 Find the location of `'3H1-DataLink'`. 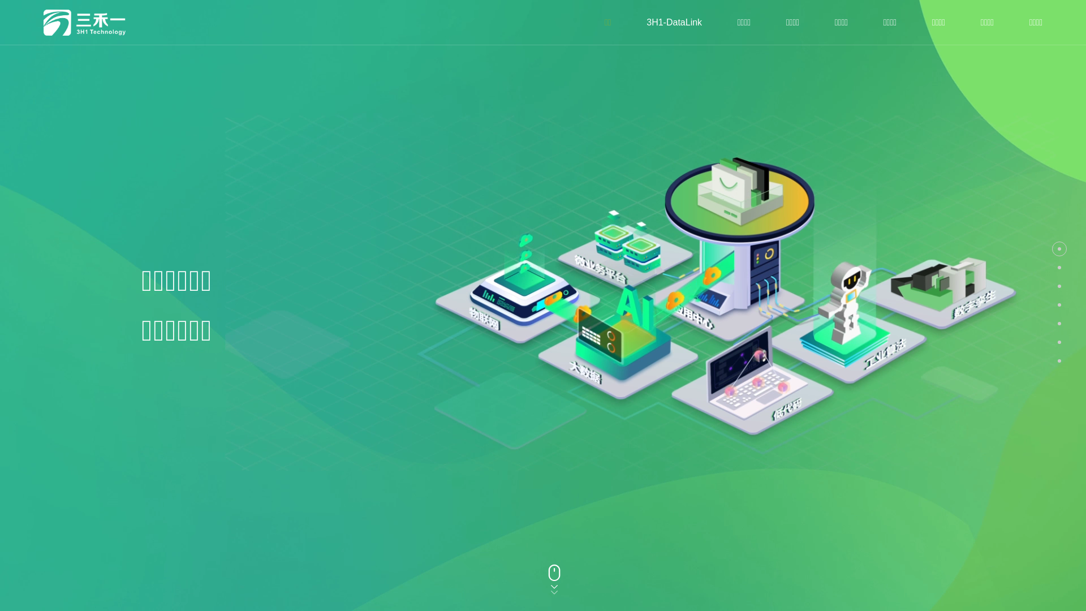

'3H1-DataLink' is located at coordinates (674, 22).